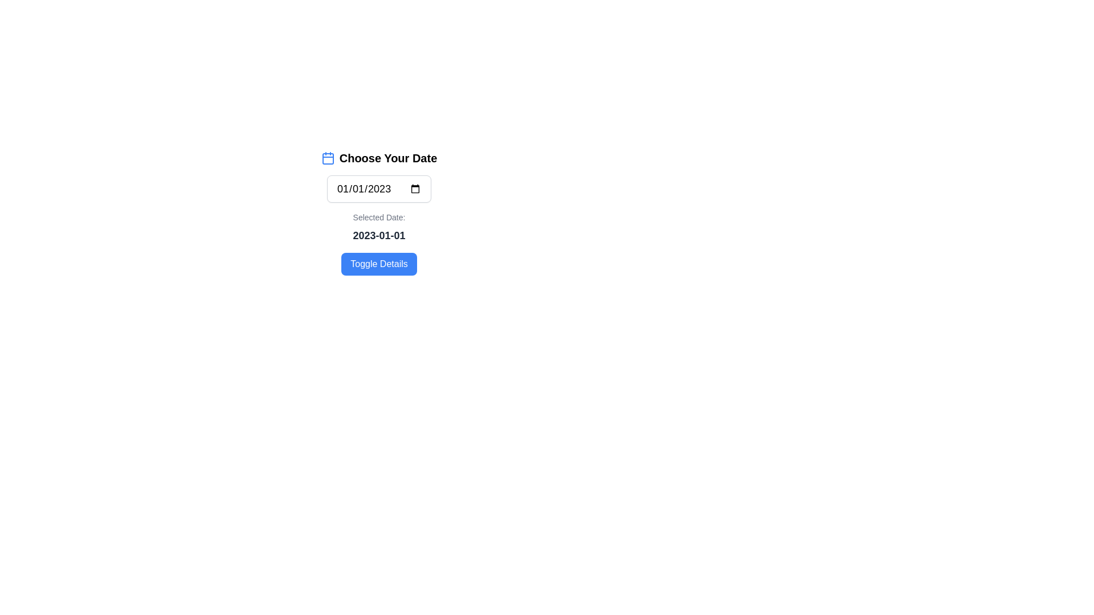 Image resolution: width=1094 pixels, height=615 pixels. I want to click on the calendar icon, which is a square outline with a circular blue stroke, located to the left of the 'Choose Your Date' text, so click(327, 158).